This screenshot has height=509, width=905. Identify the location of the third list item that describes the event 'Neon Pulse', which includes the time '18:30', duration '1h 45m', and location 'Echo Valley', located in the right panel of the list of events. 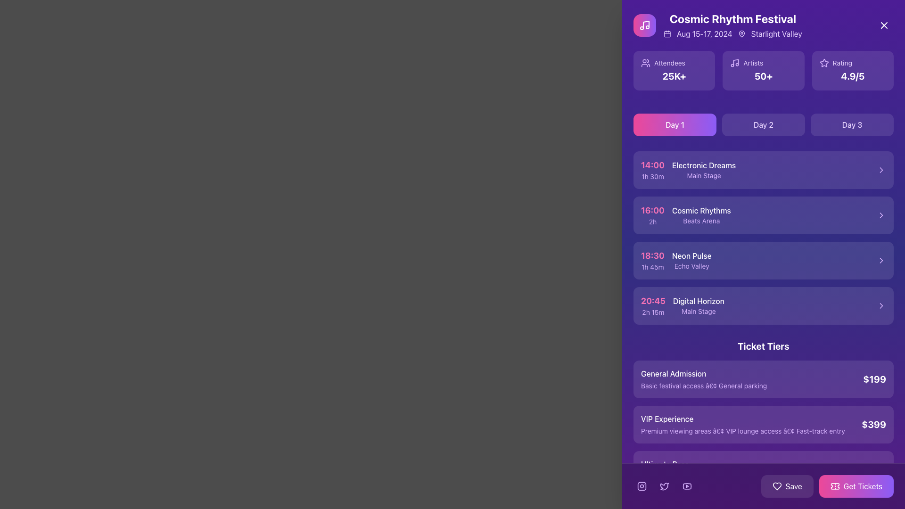
(675, 260).